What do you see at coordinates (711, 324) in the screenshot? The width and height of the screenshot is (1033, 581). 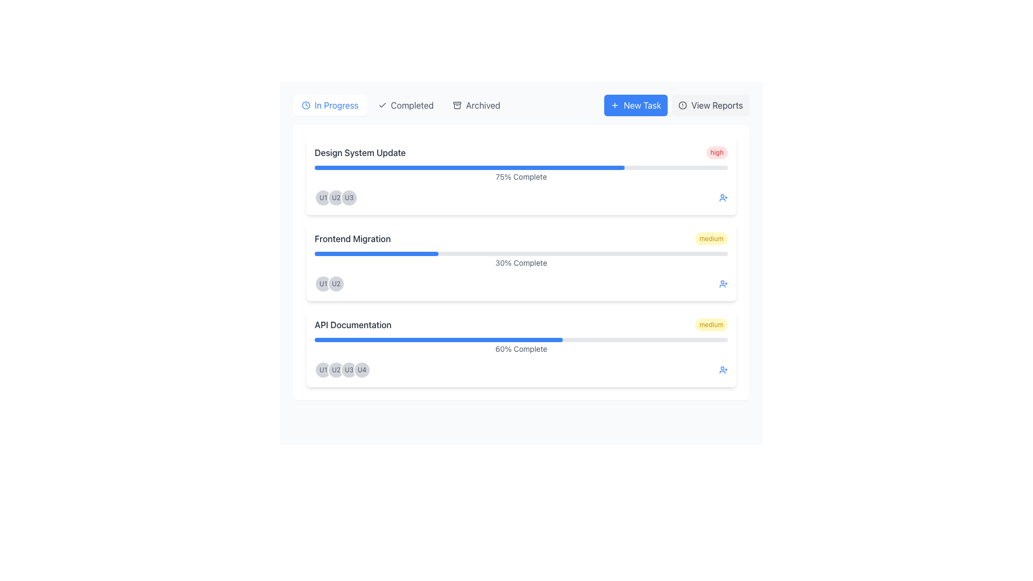 I see `the priority or status label located on the right side of the text within the 'API Documentation' section` at bounding box center [711, 324].